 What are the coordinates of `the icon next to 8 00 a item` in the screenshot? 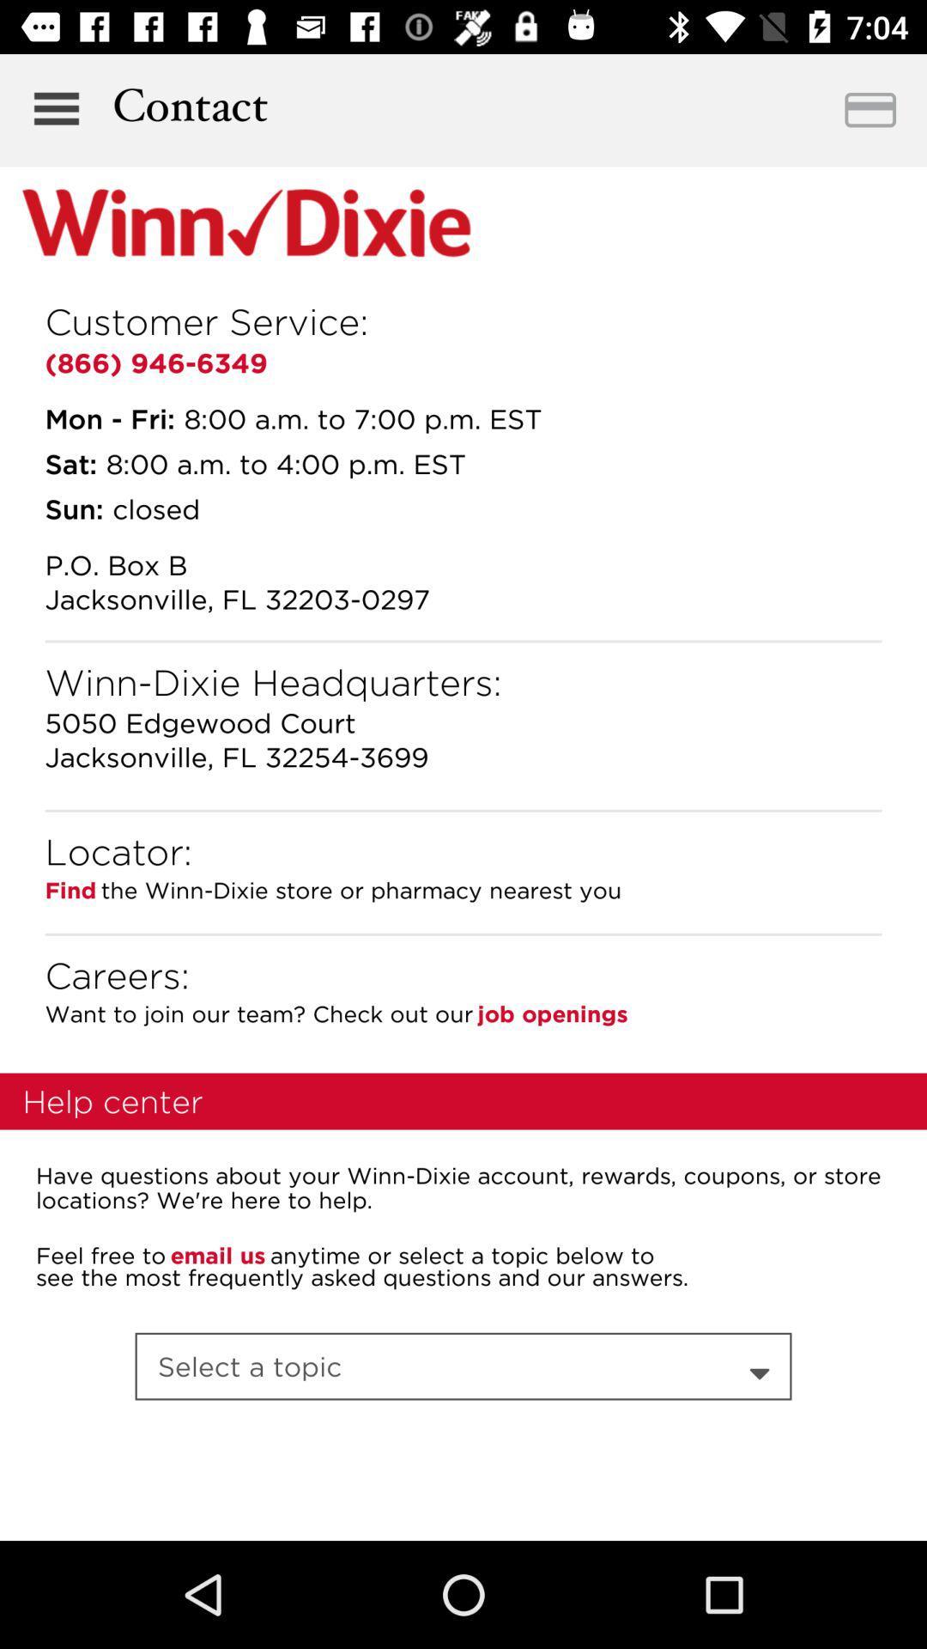 It's located at (70, 463).